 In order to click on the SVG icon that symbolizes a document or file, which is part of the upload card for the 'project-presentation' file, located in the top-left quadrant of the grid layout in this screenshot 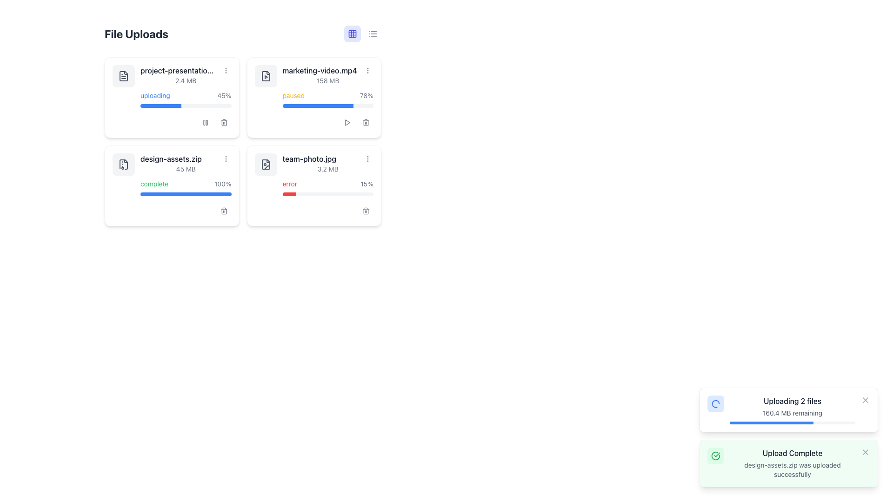, I will do `click(123, 76)`.